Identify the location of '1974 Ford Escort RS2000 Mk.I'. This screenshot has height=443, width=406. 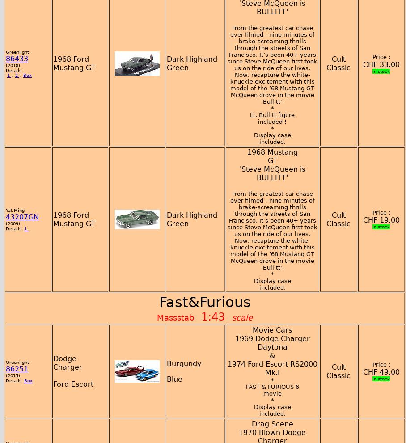
(271, 367).